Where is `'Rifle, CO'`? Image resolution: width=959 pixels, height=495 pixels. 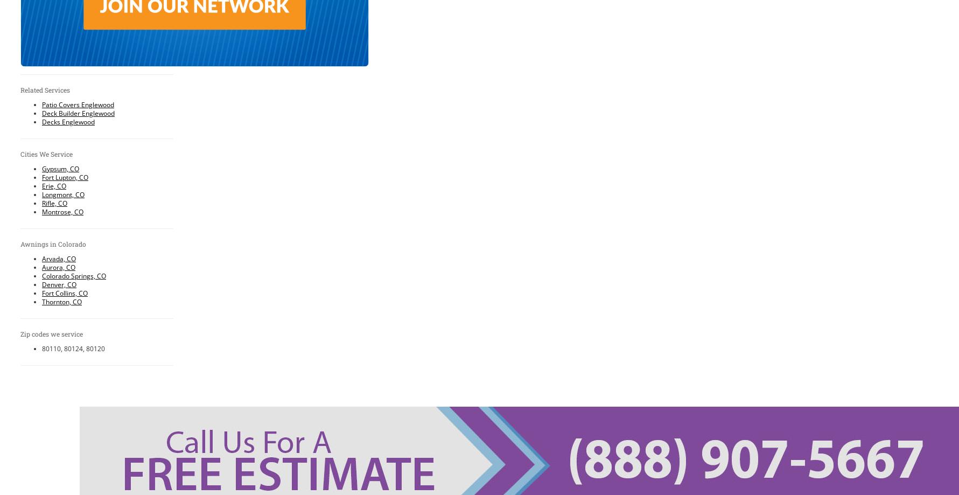 'Rifle, CO' is located at coordinates (54, 203).